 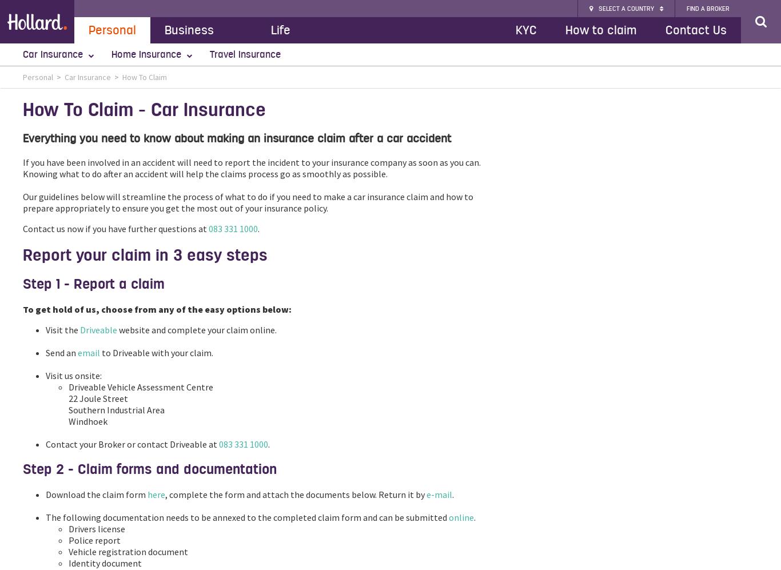 What do you see at coordinates (197, 329) in the screenshot?
I see `'website and complete your claim online.'` at bounding box center [197, 329].